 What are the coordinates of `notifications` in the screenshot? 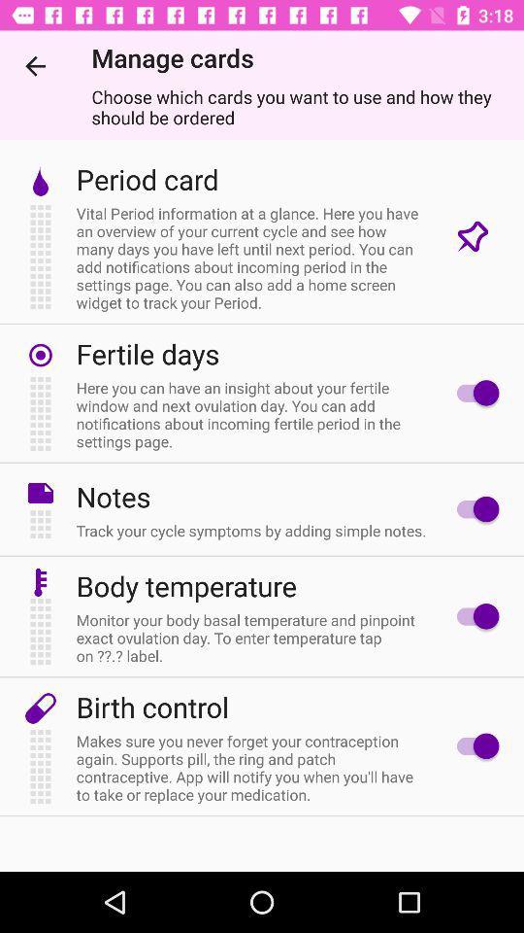 It's located at (472, 392).